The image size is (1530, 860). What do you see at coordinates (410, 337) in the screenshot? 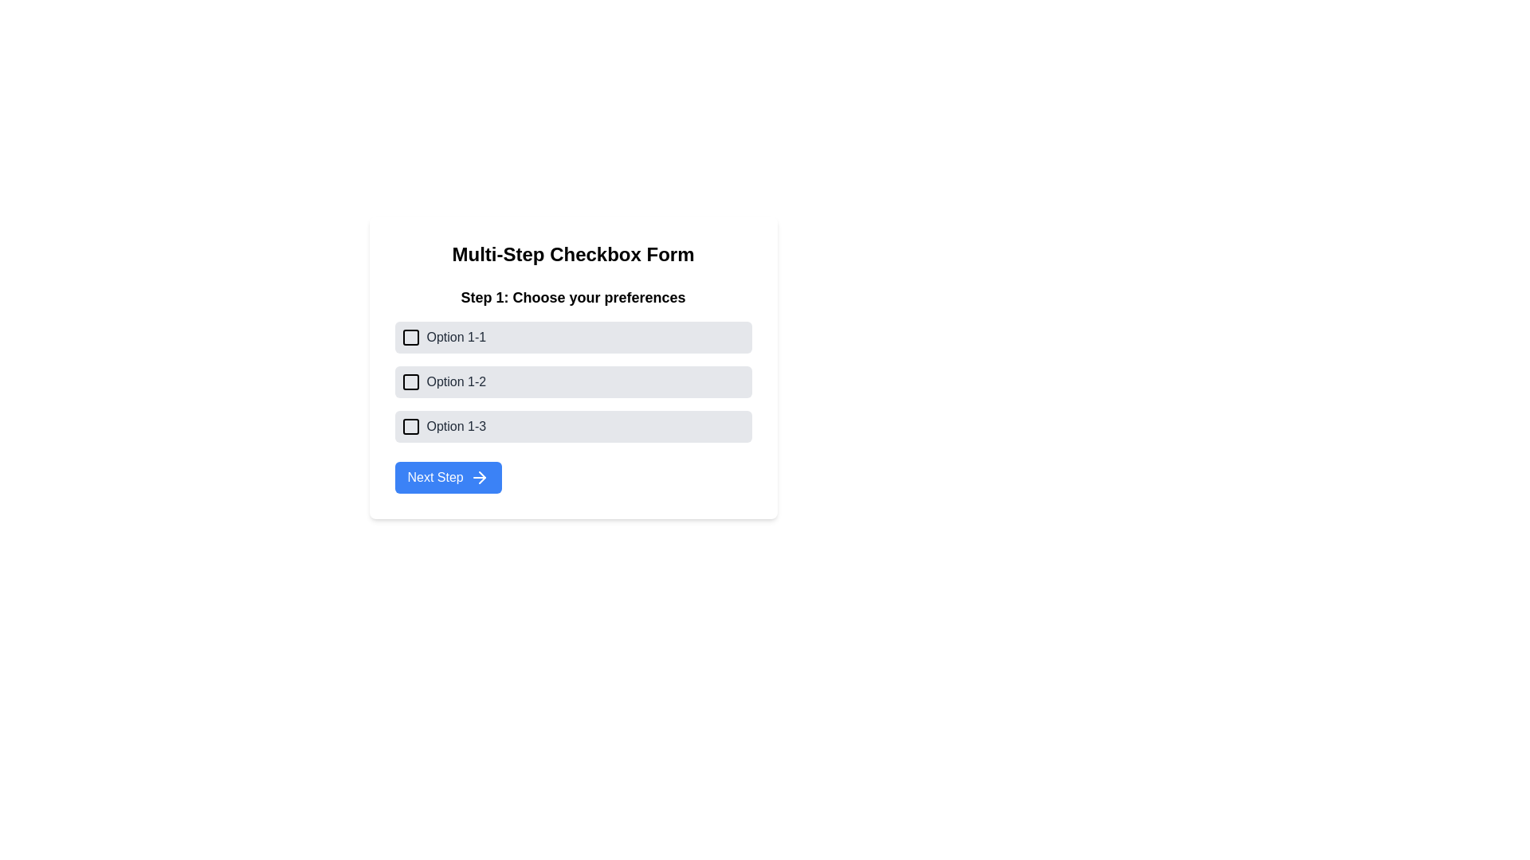
I see `the checkbox icon for 'Option 1-1'` at bounding box center [410, 337].